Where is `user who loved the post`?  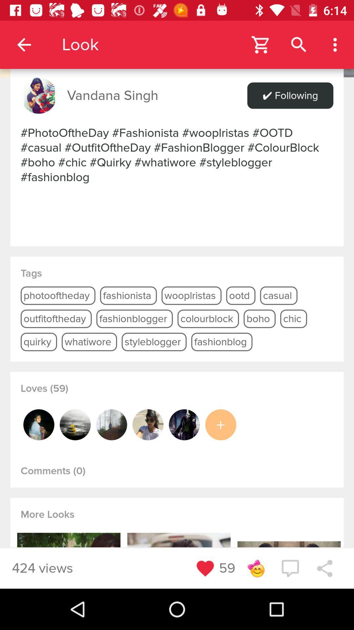
user who loved the post is located at coordinates (75, 425).